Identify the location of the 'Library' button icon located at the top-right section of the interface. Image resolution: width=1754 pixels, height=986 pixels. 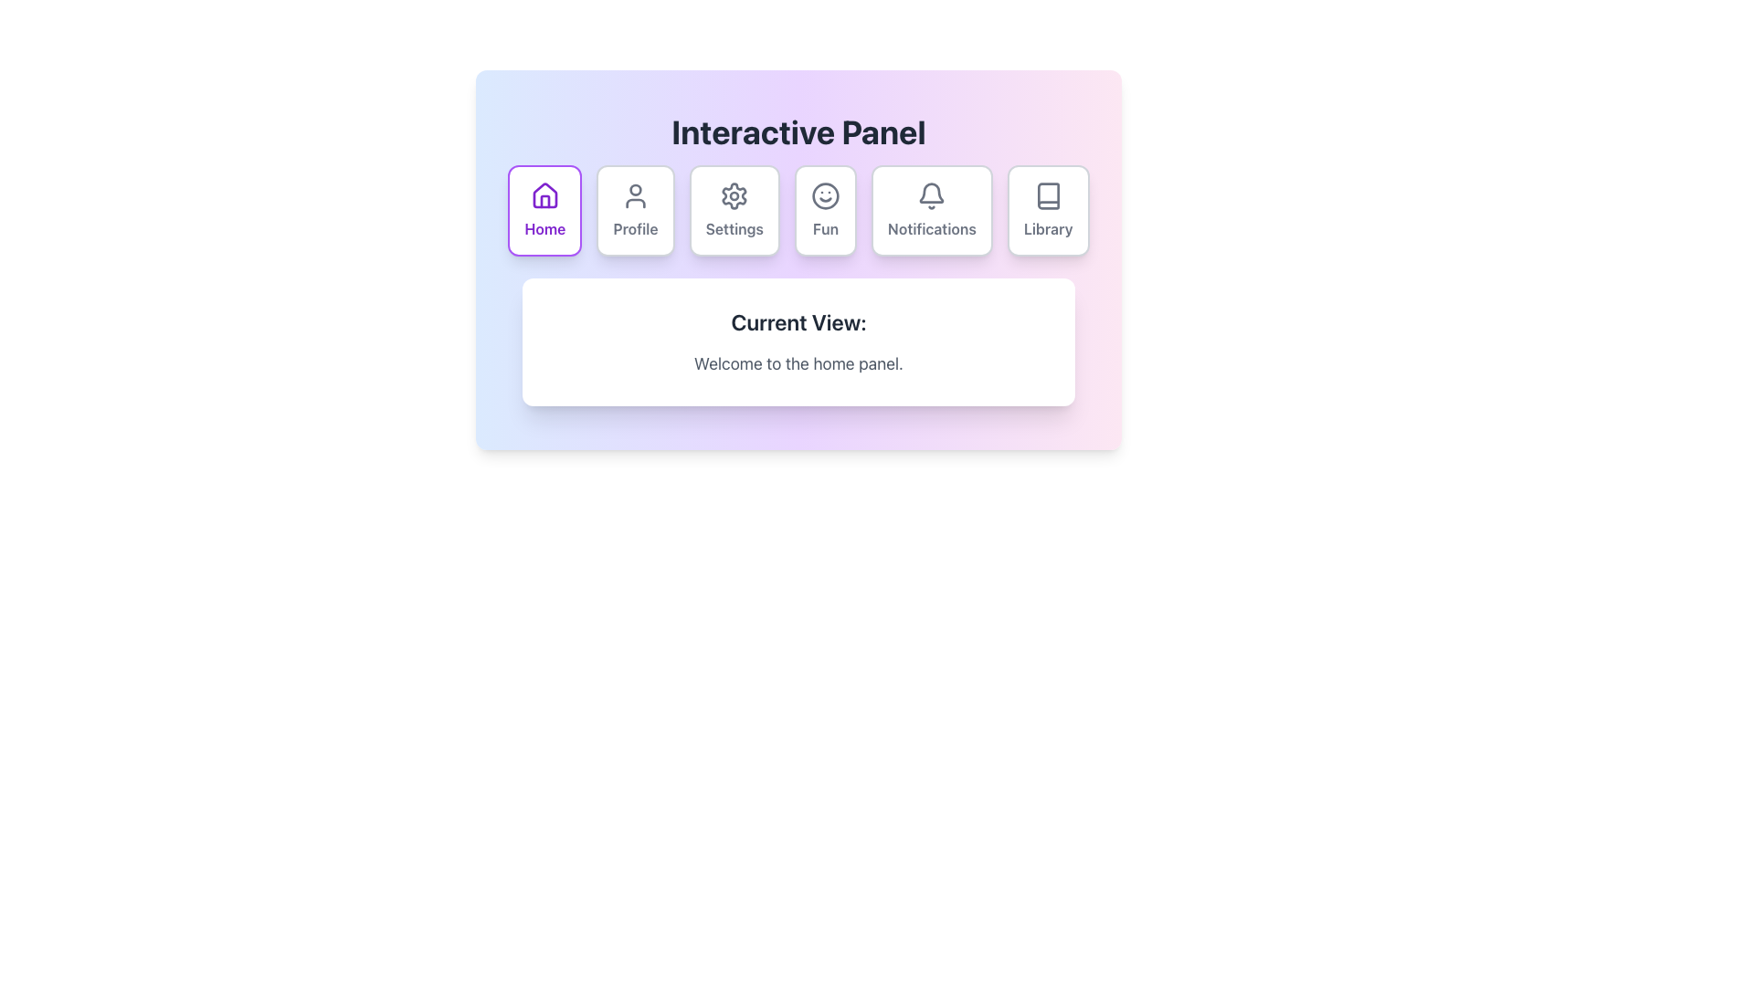
(1048, 196).